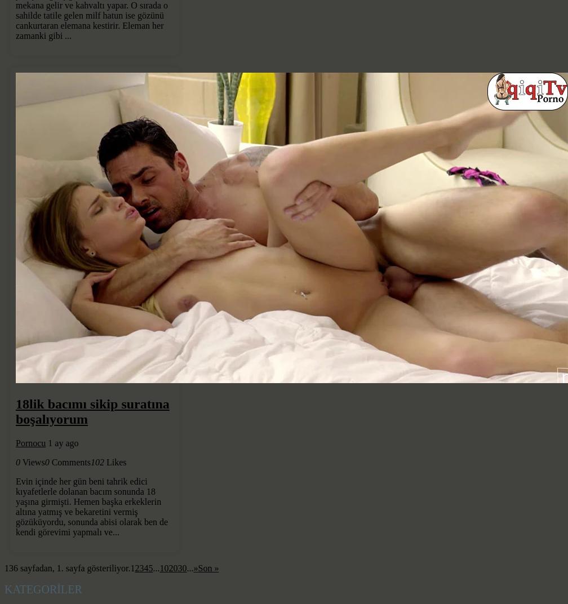 The width and height of the screenshot is (568, 604). I want to click on '102', so click(96, 461).